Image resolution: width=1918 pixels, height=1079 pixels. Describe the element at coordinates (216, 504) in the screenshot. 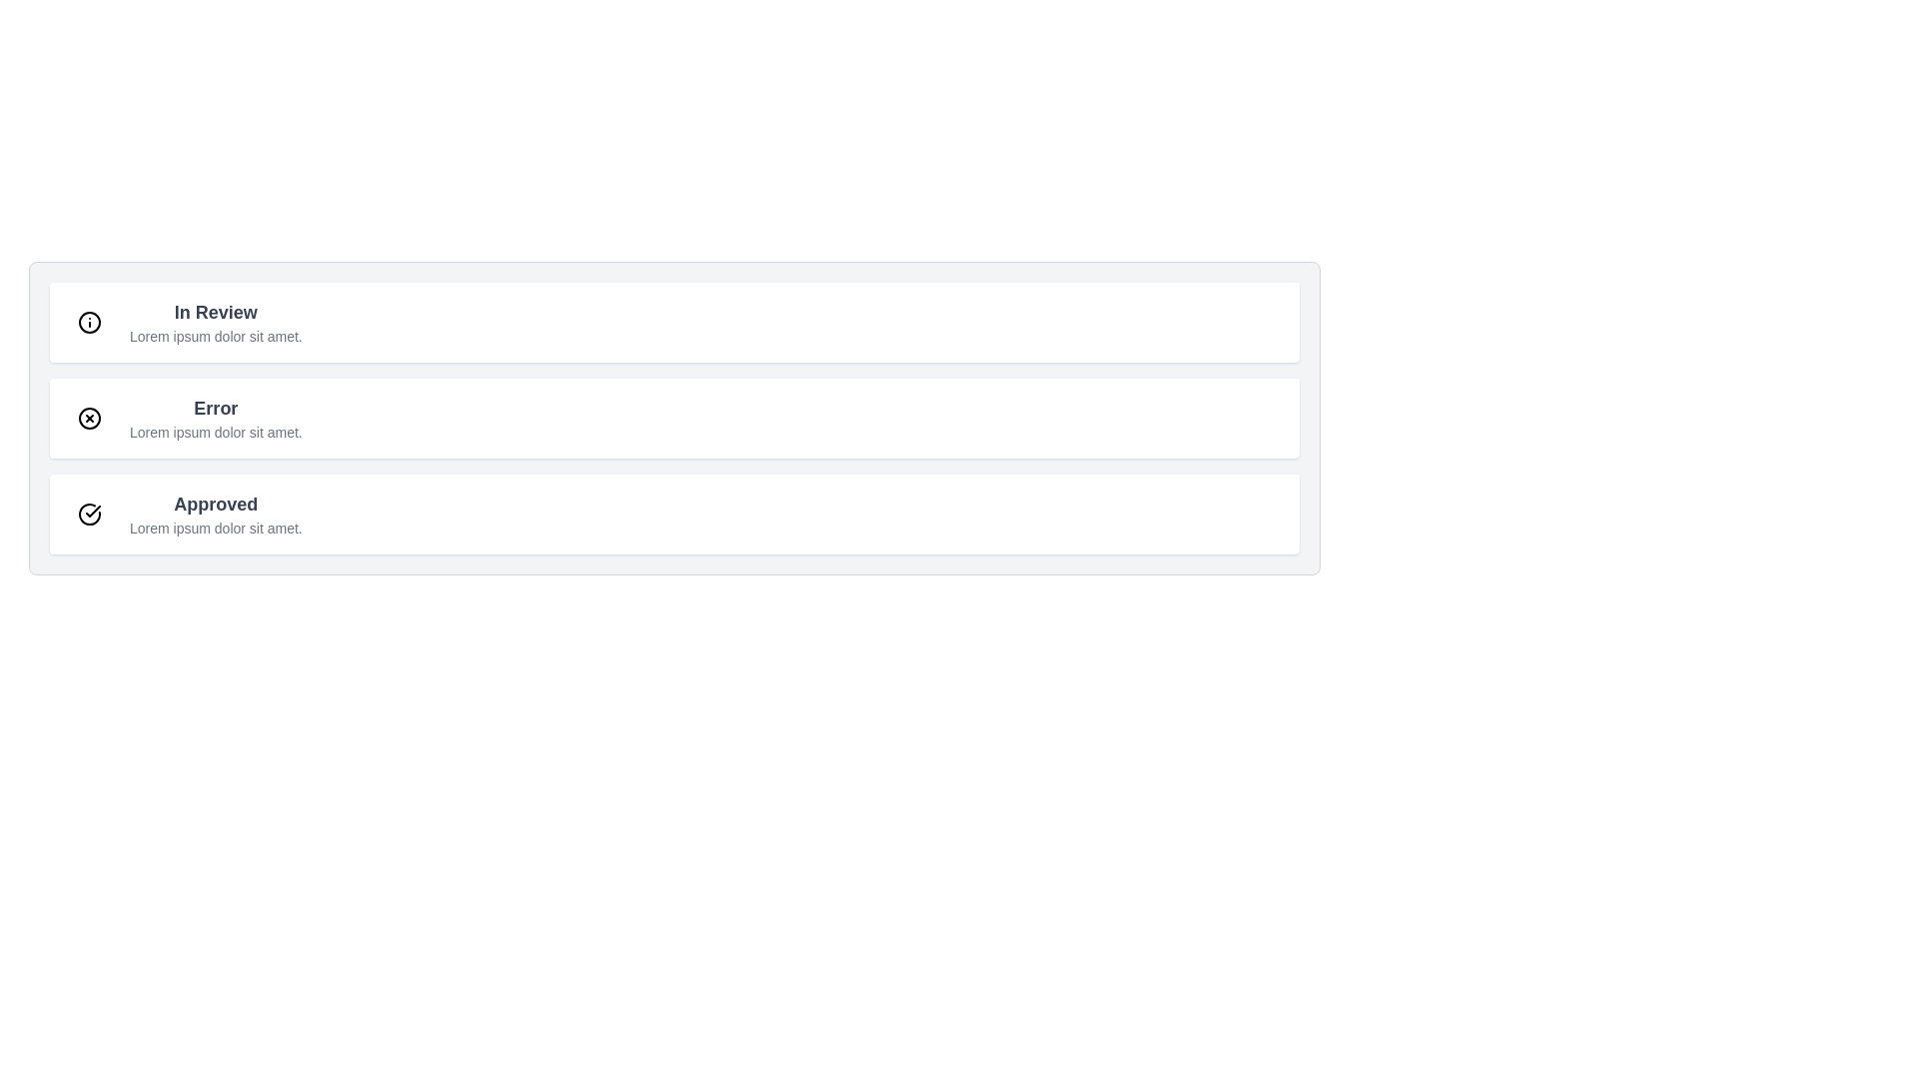

I see `the static text label indicating the status 'Approved' in the list of approval statuses, which is positioned on the third row and aligned to the left` at that location.